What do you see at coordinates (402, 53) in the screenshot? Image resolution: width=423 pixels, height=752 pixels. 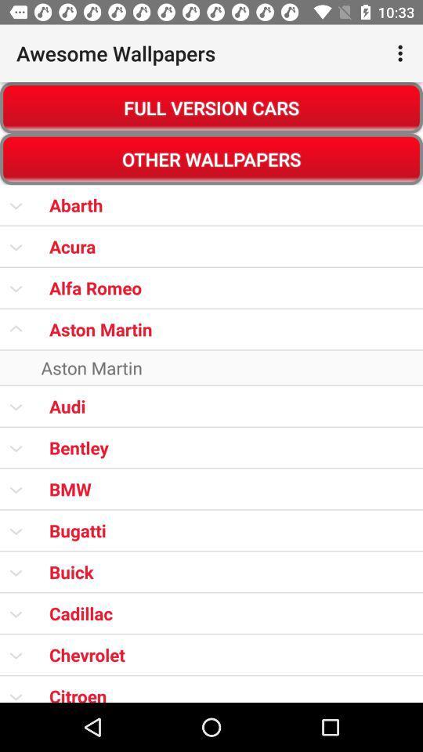 I see `icon above the full version cars icon` at bounding box center [402, 53].